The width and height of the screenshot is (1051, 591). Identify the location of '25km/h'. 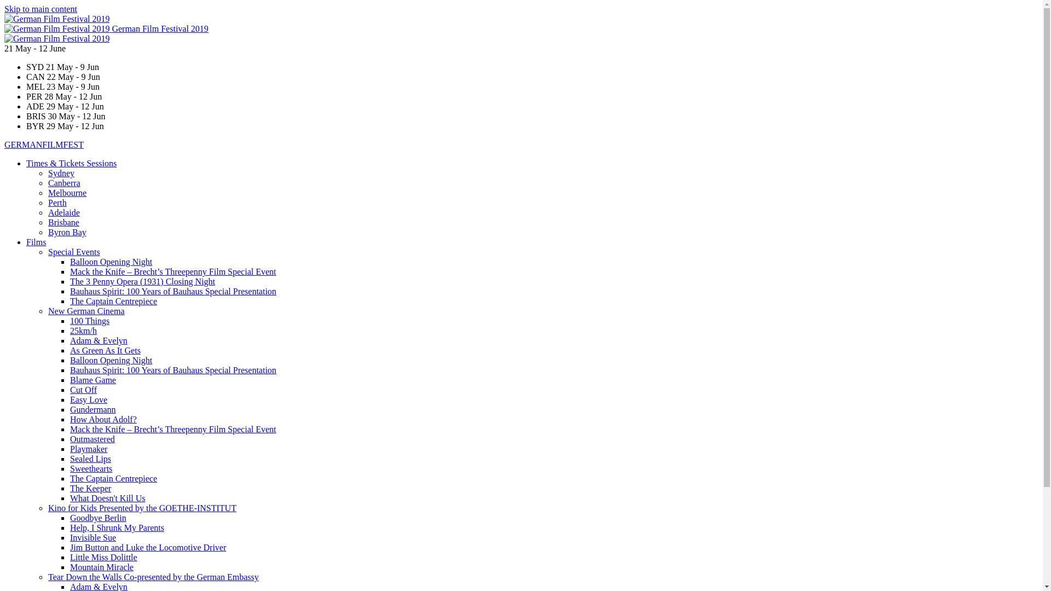
(83, 330).